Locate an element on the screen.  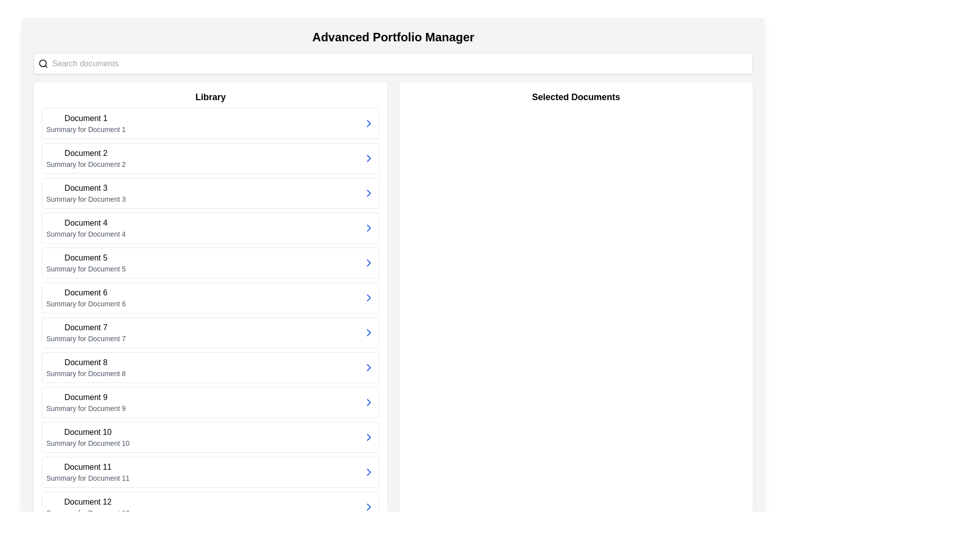
the blue rightward-pointing chevron arrow icon located in the 'Library' section, associated with 'Document 3' is located at coordinates (368, 193).